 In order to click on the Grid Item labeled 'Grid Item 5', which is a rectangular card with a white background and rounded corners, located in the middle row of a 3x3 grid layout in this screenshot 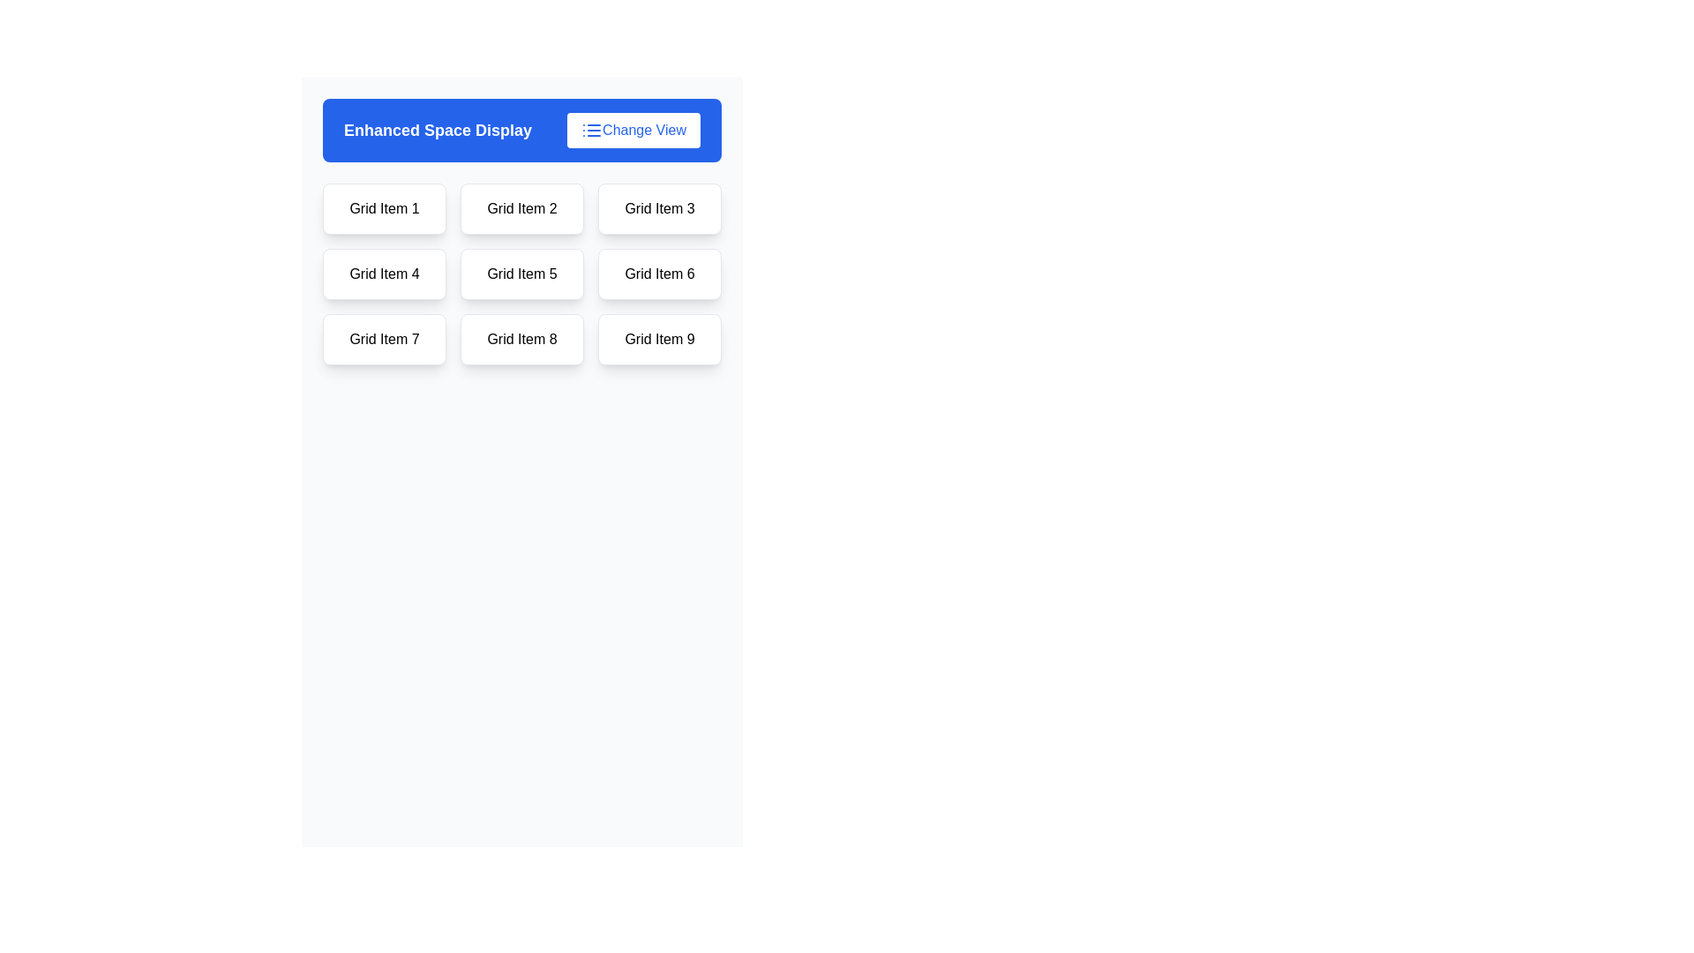, I will do `click(521, 274)`.